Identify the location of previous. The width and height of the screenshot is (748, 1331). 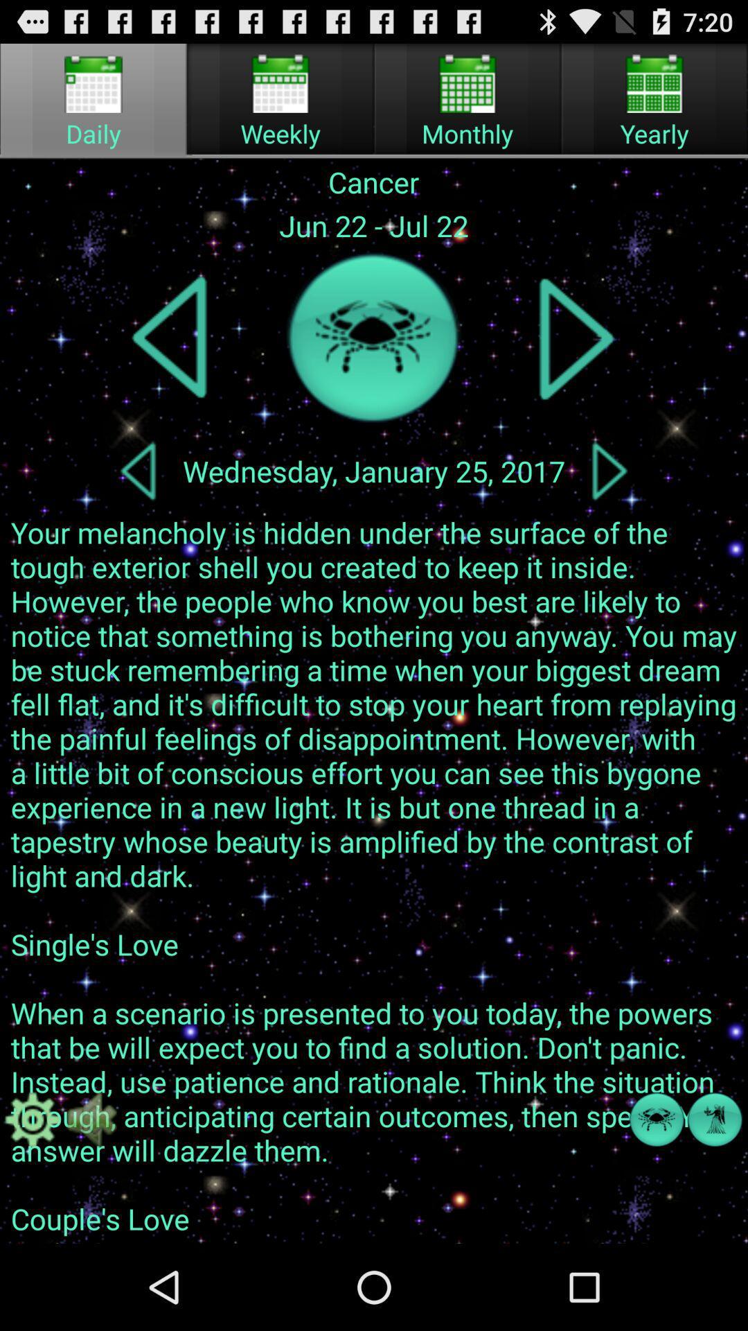
(170, 338).